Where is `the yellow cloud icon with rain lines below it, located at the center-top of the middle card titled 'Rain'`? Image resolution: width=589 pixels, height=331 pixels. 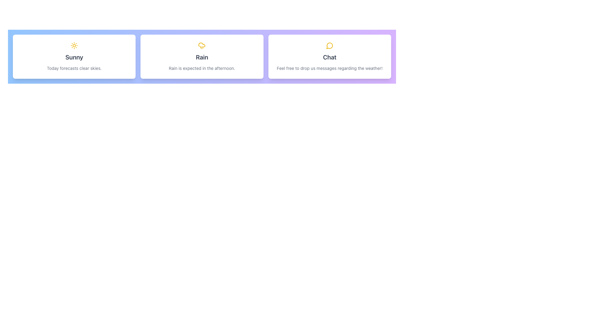
the yellow cloud icon with rain lines below it, located at the center-top of the middle card titled 'Rain' is located at coordinates (202, 45).